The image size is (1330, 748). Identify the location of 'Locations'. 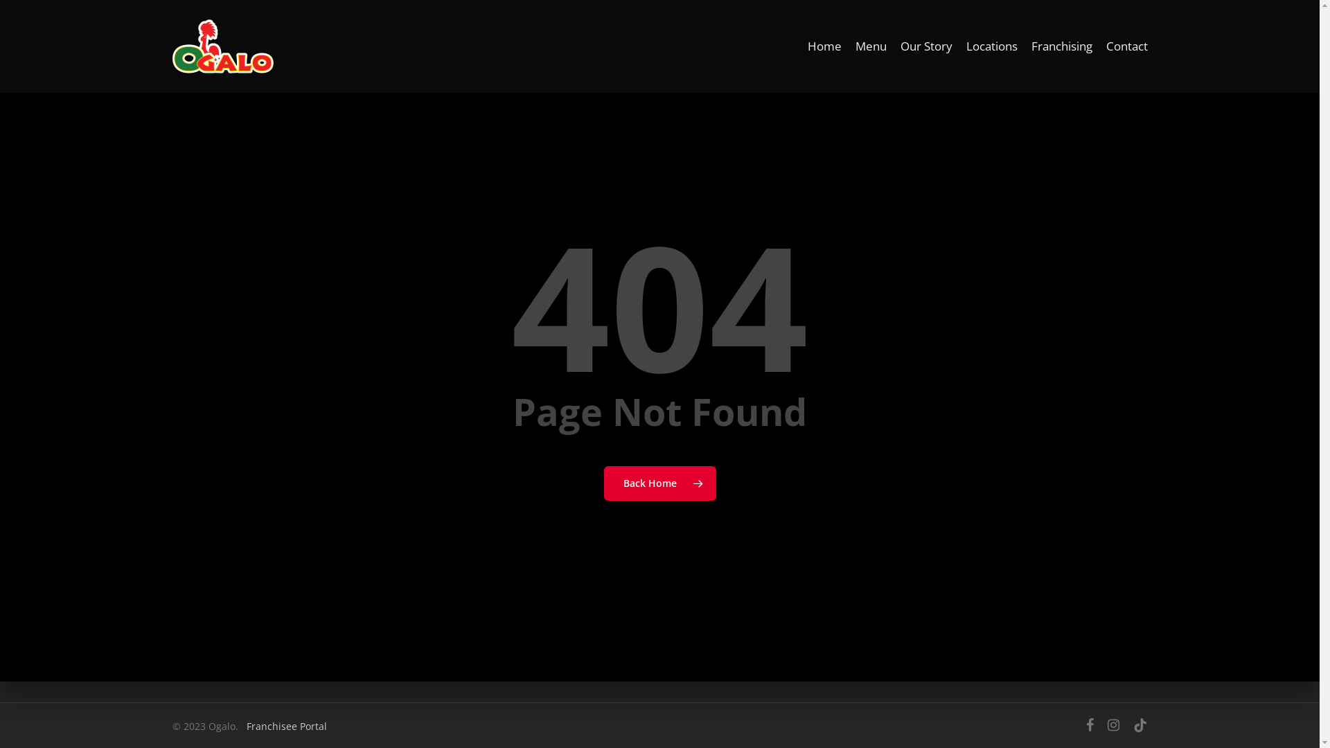
(990, 45).